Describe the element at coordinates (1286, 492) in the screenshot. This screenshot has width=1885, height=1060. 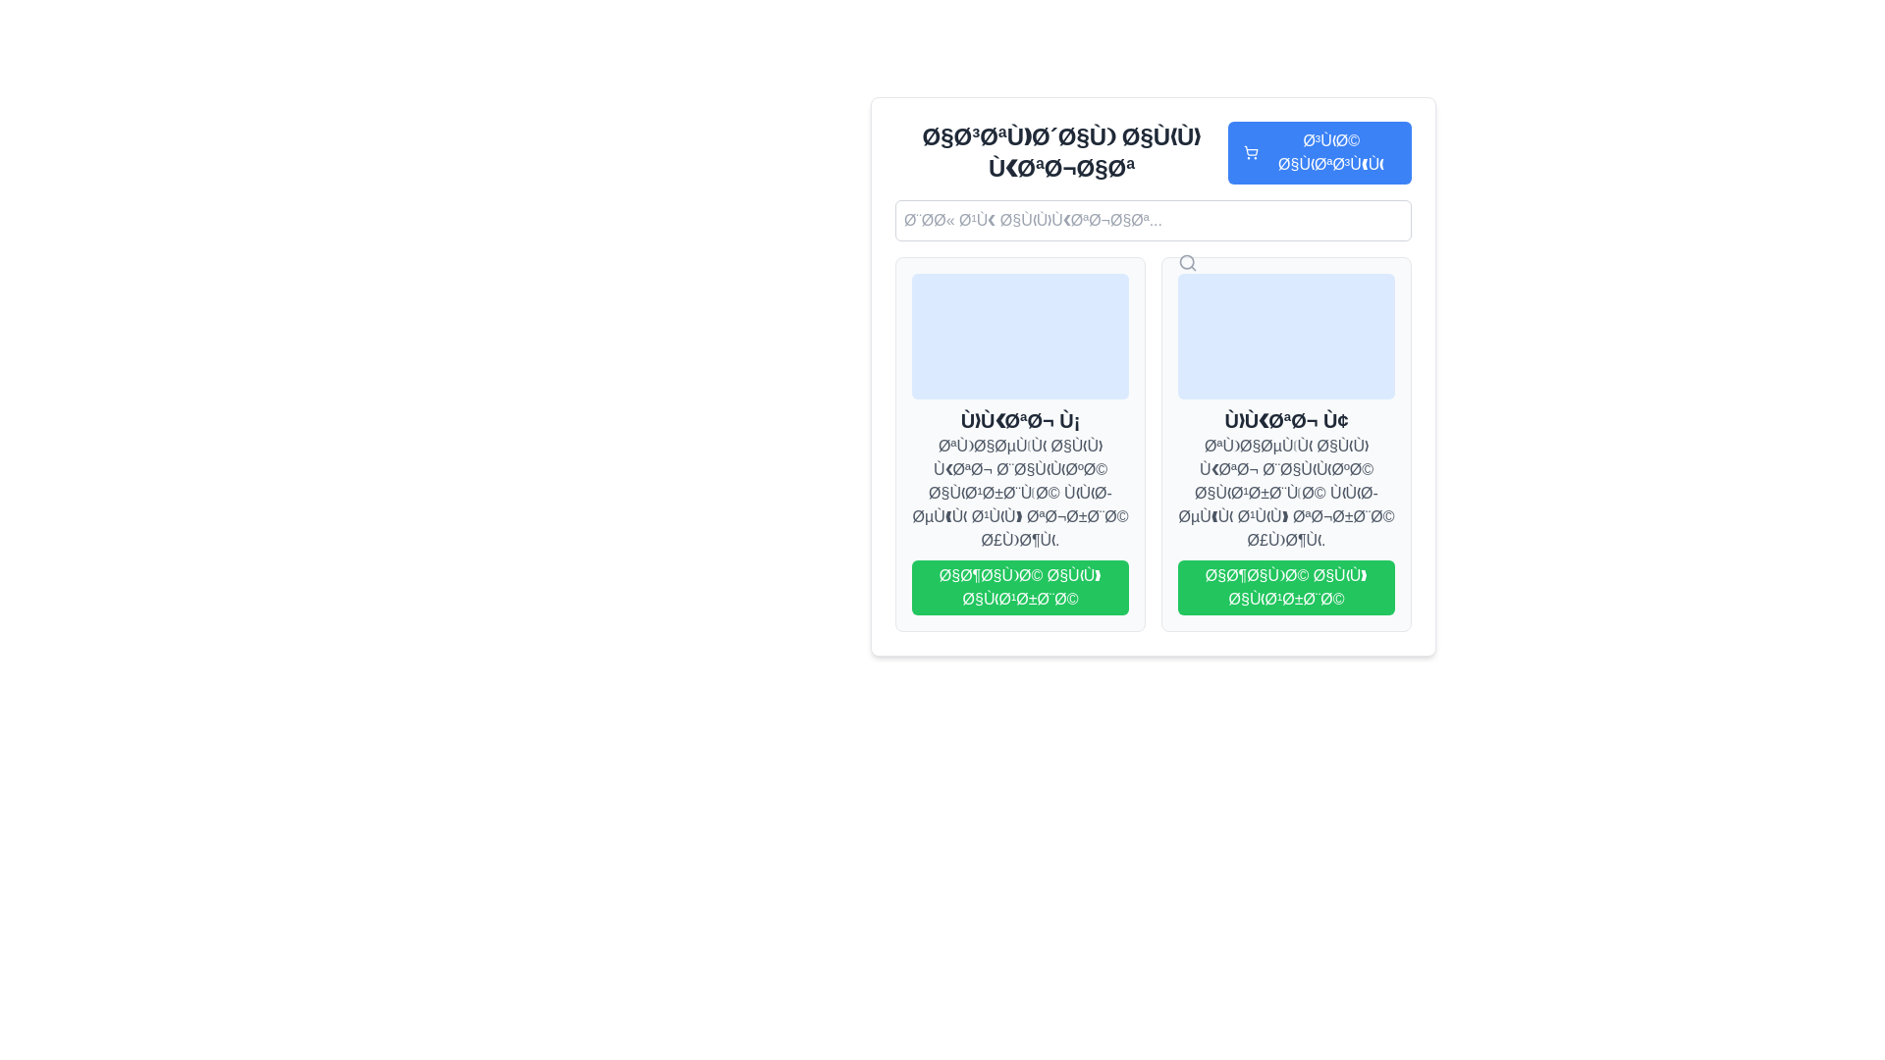
I see `Arabic text displayed in a gray shaded text block below the bold header 'منتج ٢'` at that location.